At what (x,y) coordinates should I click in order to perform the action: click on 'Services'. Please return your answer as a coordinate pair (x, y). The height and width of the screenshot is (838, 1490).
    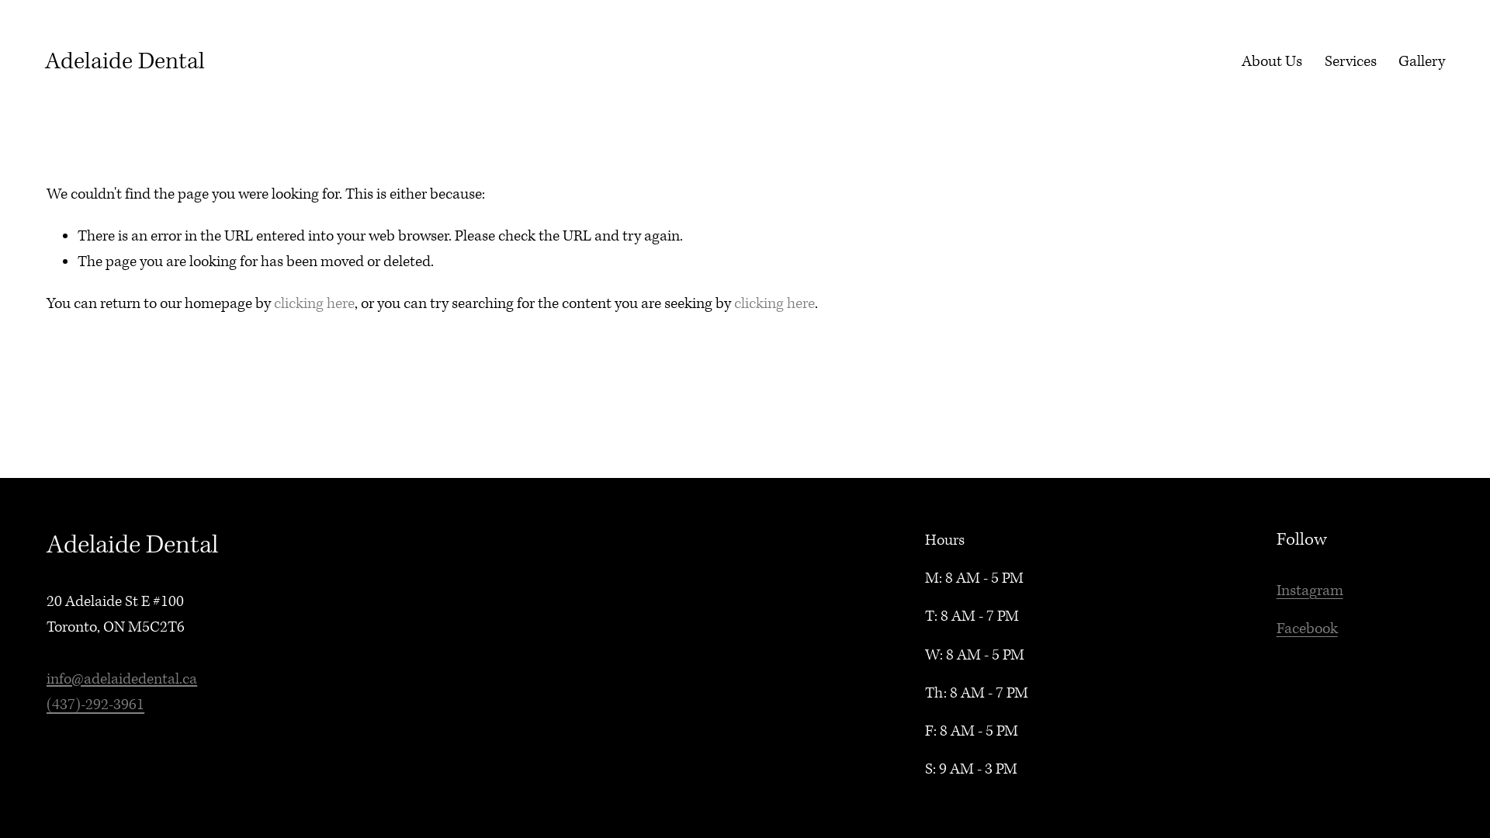
    Looking at the image, I should click on (1324, 61).